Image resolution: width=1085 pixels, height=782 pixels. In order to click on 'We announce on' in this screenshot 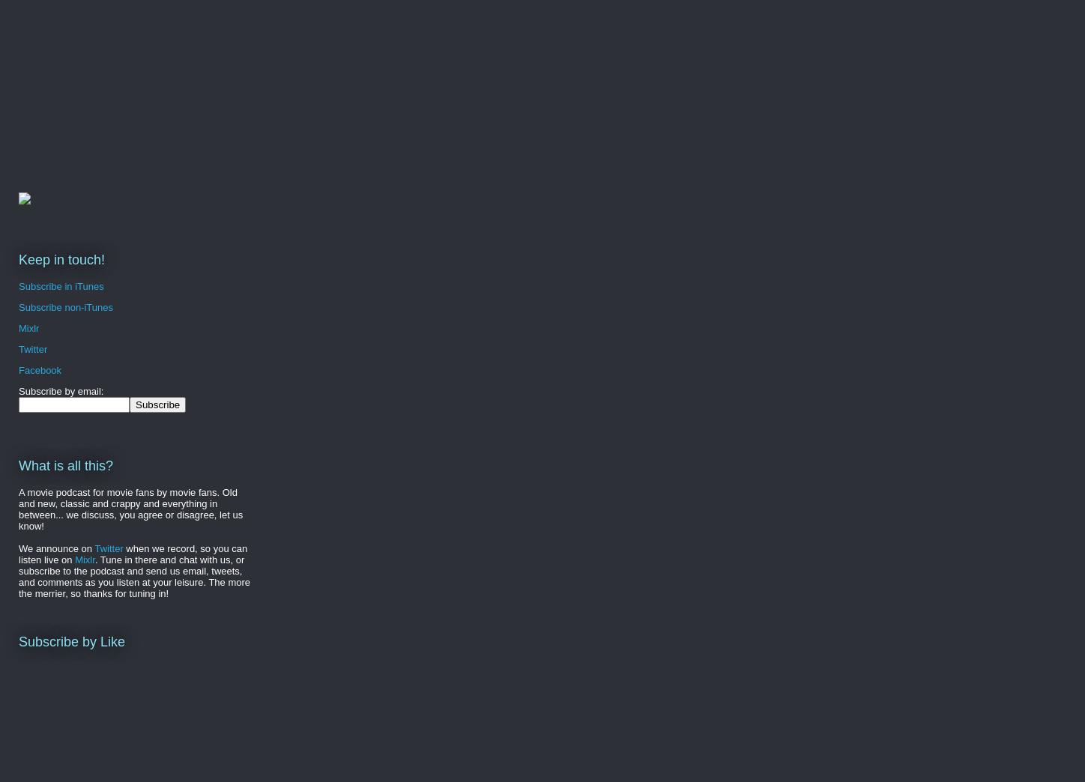, I will do `click(56, 548)`.